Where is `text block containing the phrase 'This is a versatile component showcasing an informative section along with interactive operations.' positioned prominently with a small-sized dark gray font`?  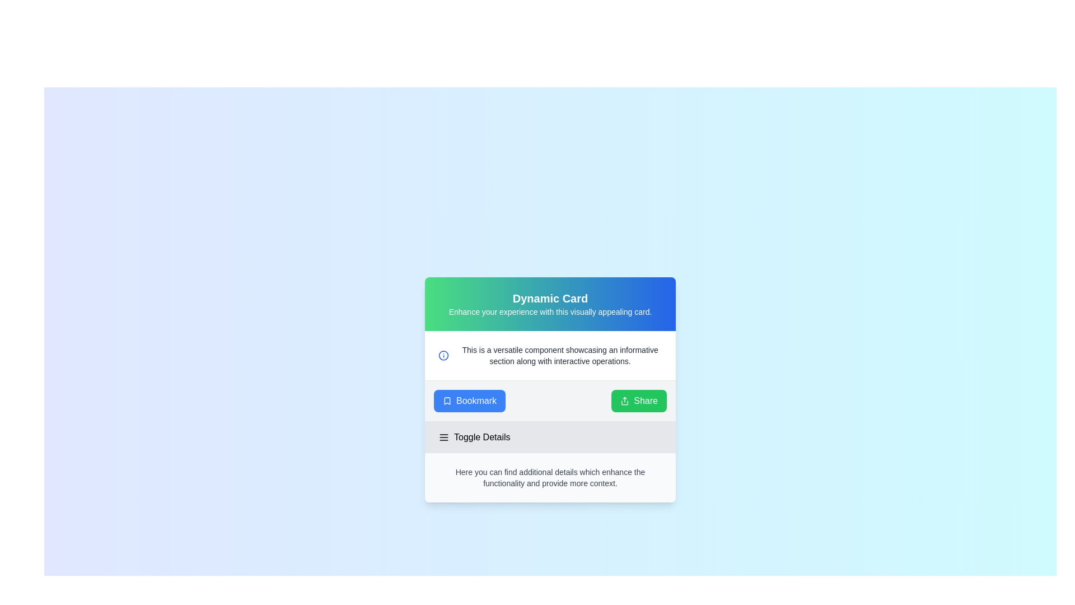 text block containing the phrase 'This is a versatile component showcasing an informative section along with interactive operations.' positioned prominently with a small-sized dark gray font is located at coordinates (560, 356).